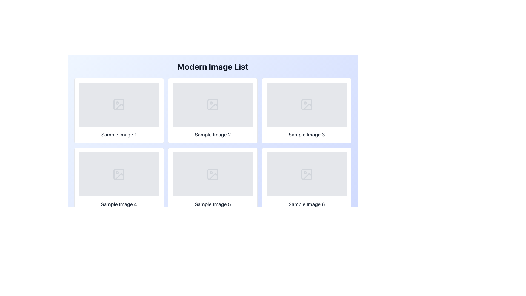  I want to click on the text label that provides a title for the fifth image in the grid layout, located below the respective image placeholder in the second row, first column, so click(213, 204).